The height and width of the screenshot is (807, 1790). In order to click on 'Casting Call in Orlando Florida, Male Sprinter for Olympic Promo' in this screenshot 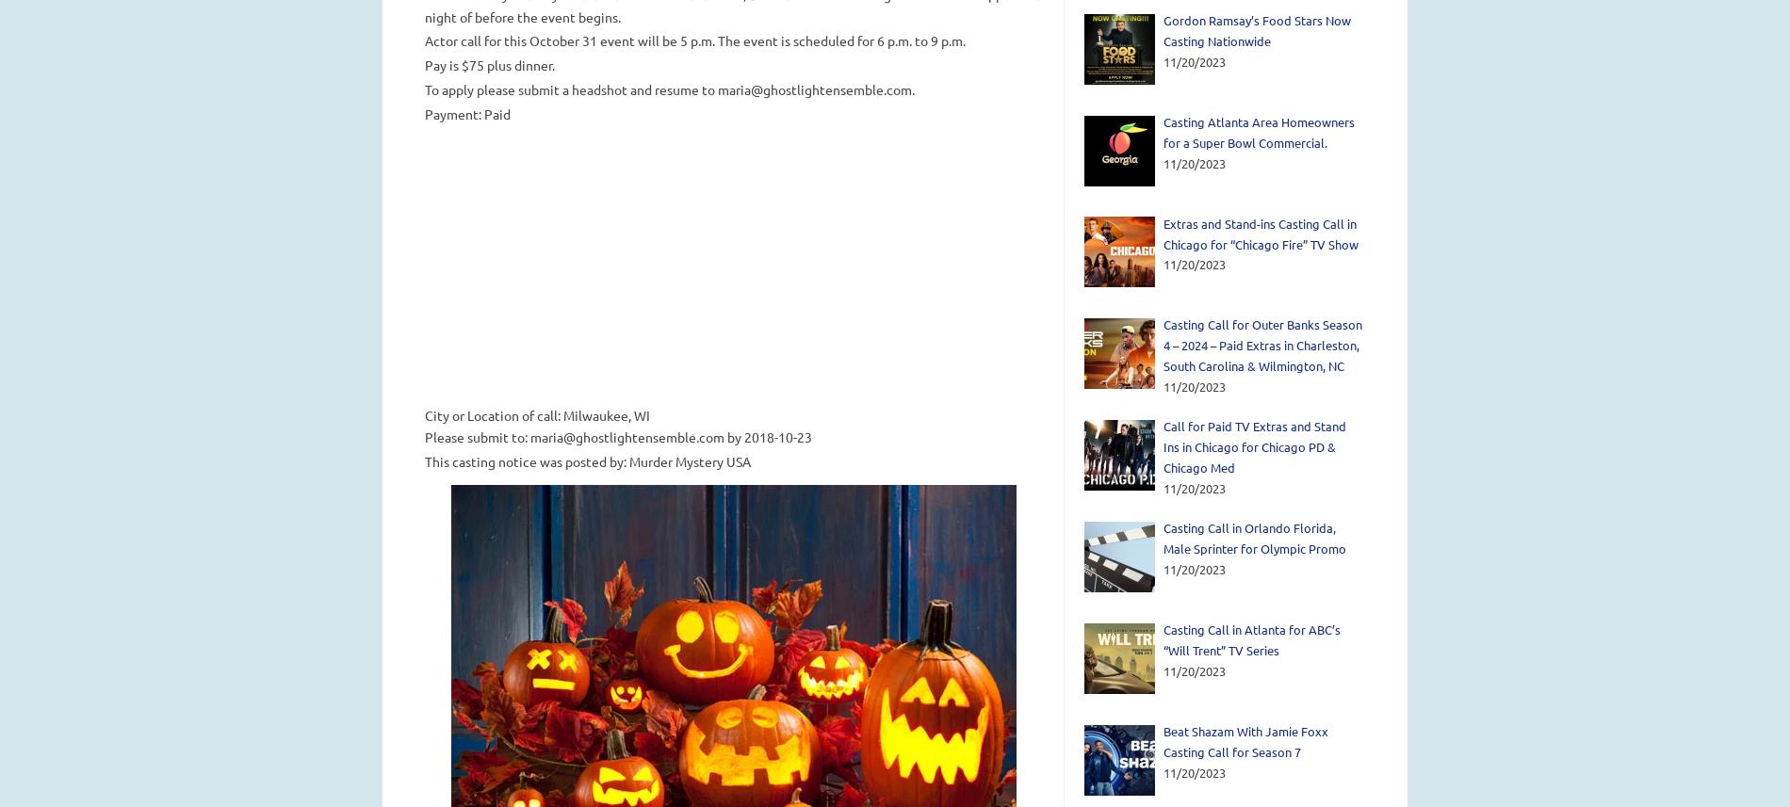, I will do `click(1163, 538)`.